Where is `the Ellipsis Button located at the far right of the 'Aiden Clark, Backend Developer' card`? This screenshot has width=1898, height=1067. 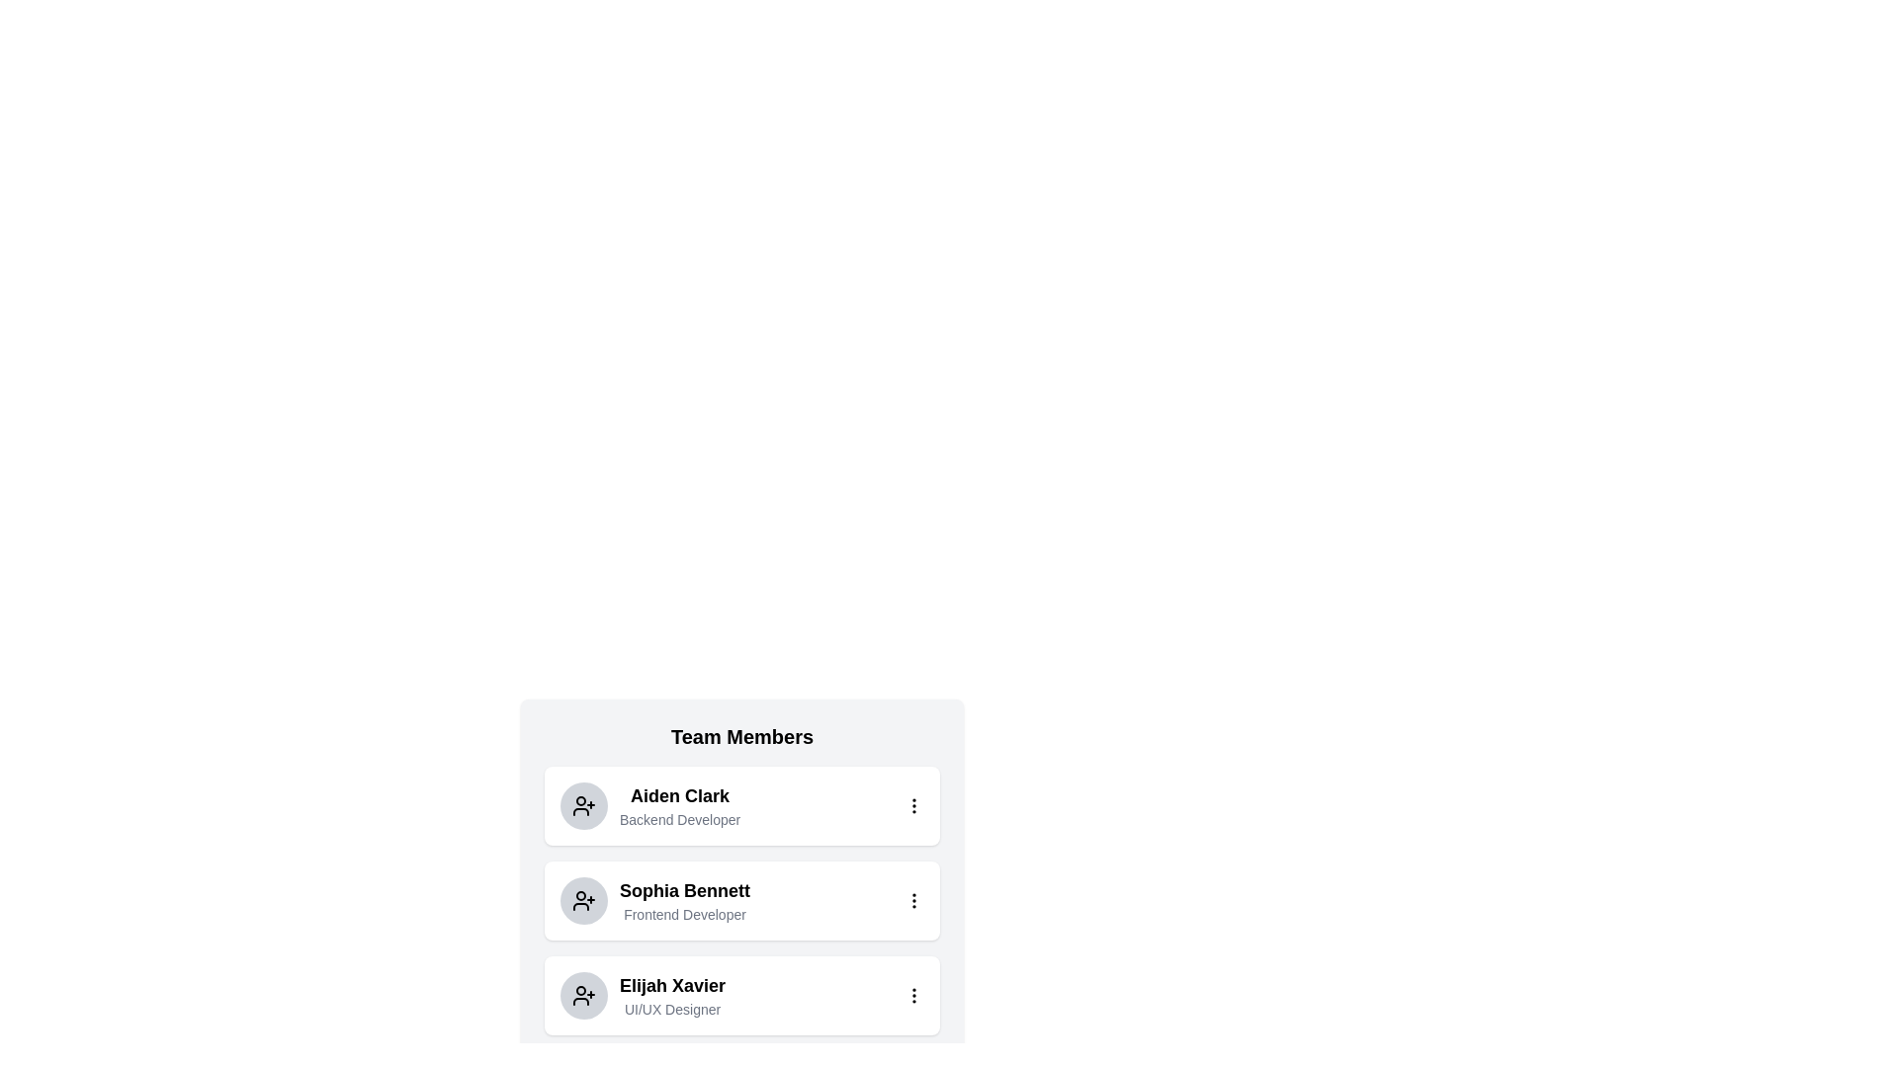
the Ellipsis Button located at the far right of the 'Aiden Clark, Backend Developer' card is located at coordinates (913, 806).